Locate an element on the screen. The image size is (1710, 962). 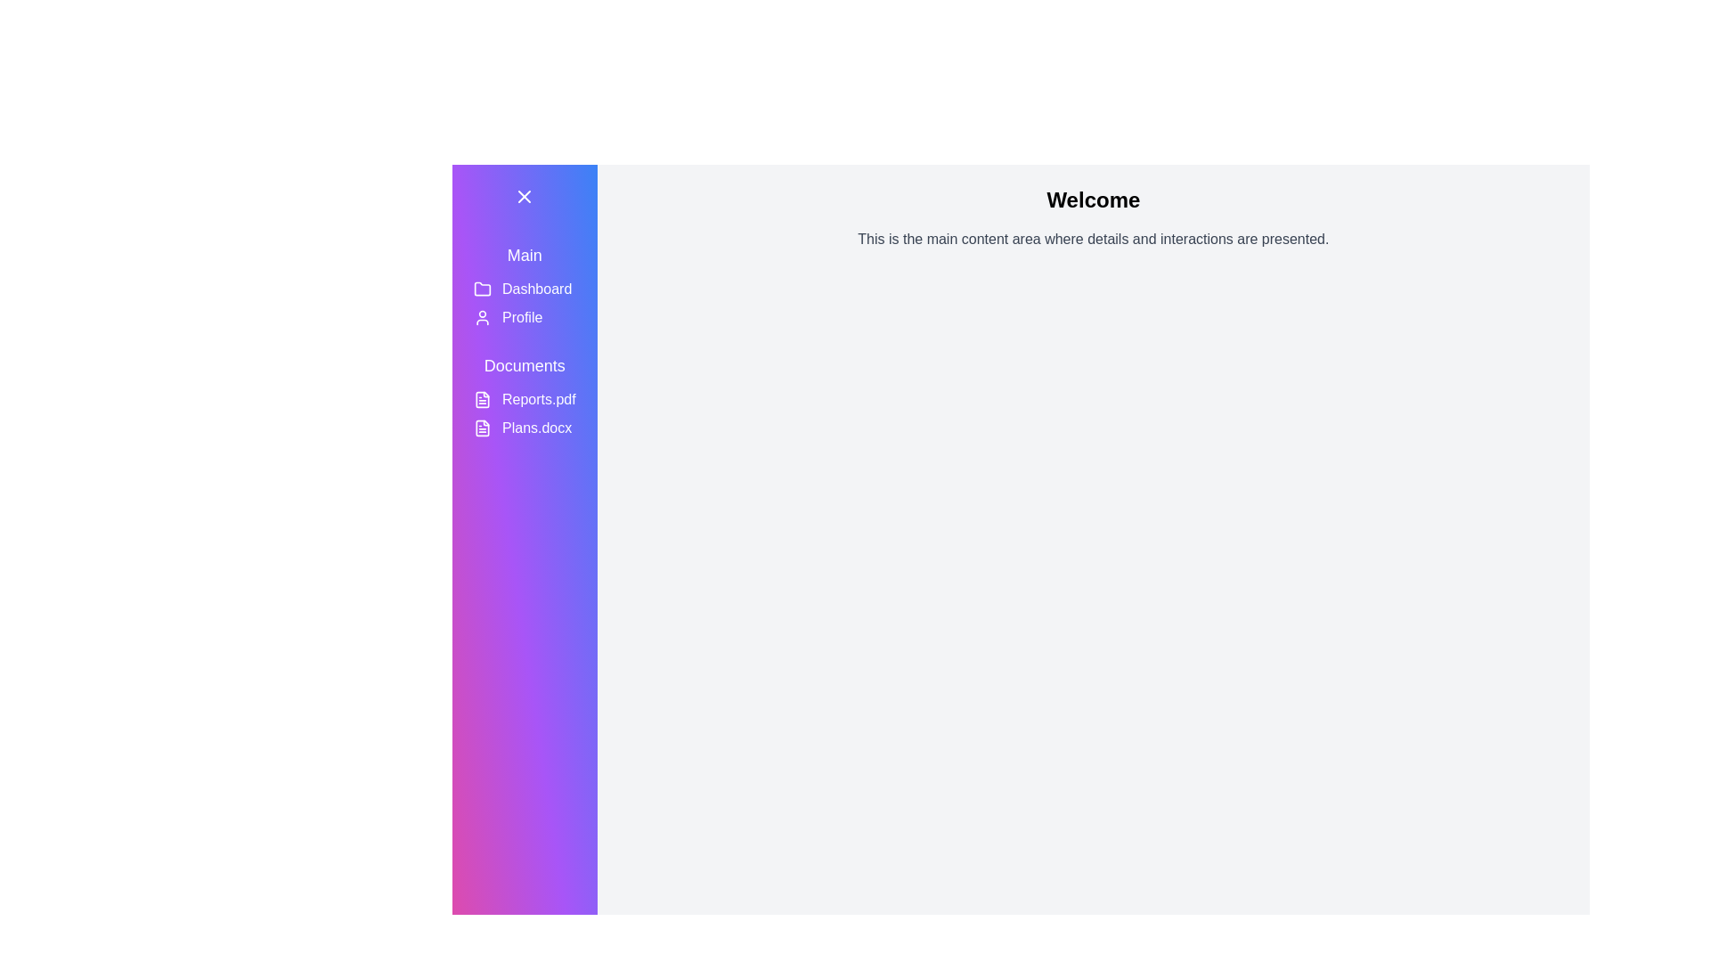
the gray textual paragraph located below the 'Welcome' header, which is styled in medium text size and serves as a descriptive block within a light gray content area is located at coordinates (1092, 239).